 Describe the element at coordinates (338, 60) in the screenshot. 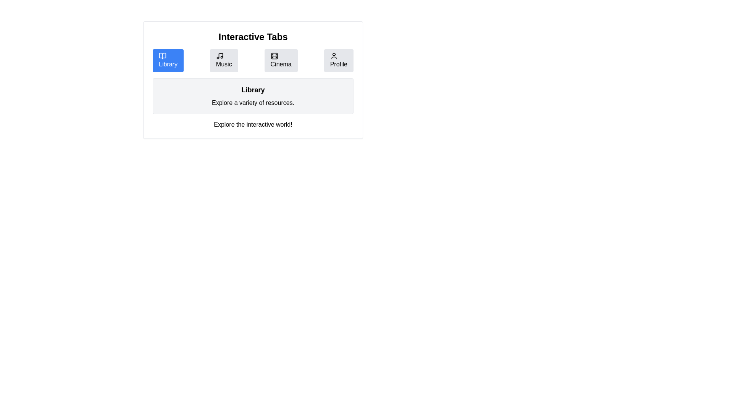

I see `the Profile tab to view its content` at that location.